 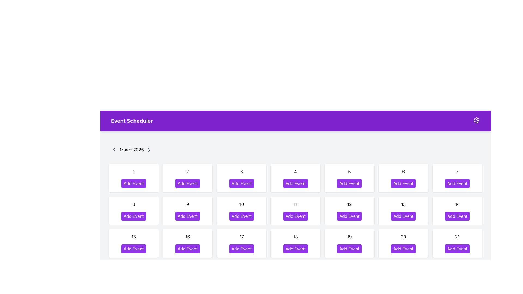 I want to click on the button to add an event for March 8, 2025, located in the middle section of the calendar view, so click(x=133, y=216).